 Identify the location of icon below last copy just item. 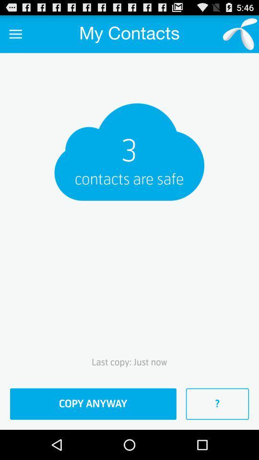
(93, 403).